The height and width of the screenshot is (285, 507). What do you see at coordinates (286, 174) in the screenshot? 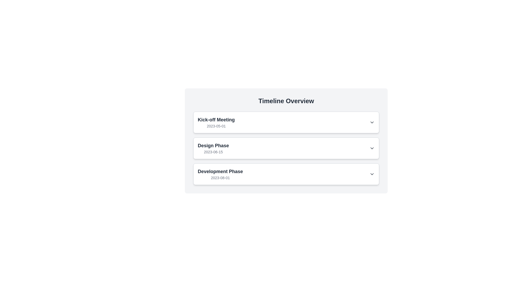
I see `the 'Development Phase' dropdown item, which contains the text and an icon` at bounding box center [286, 174].